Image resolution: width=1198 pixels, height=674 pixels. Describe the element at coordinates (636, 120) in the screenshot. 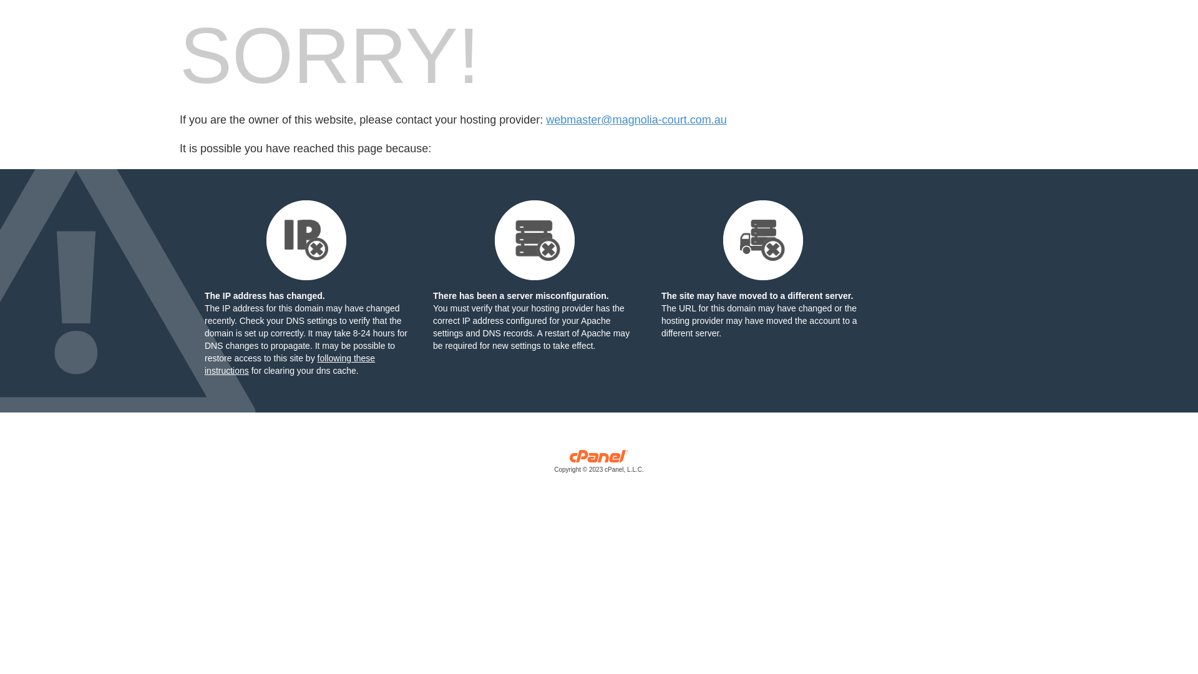

I see `'webmaster@magnolia-court.com.au'` at that location.